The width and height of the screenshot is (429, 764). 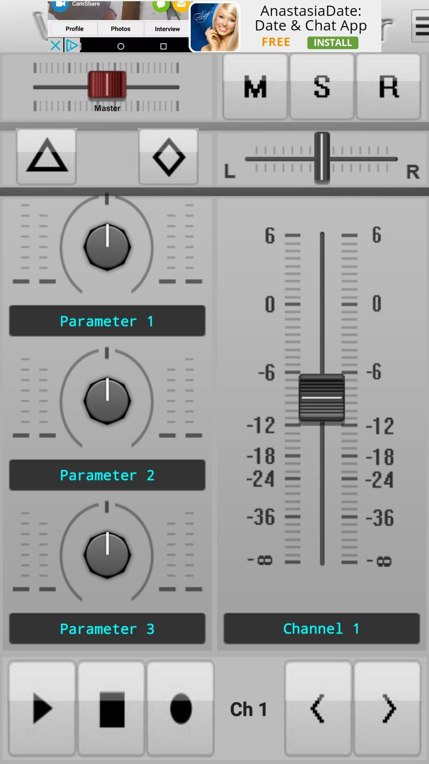 What do you see at coordinates (214, 26) in the screenshot?
I see `open advertisement` at bounding box center [214, 26].